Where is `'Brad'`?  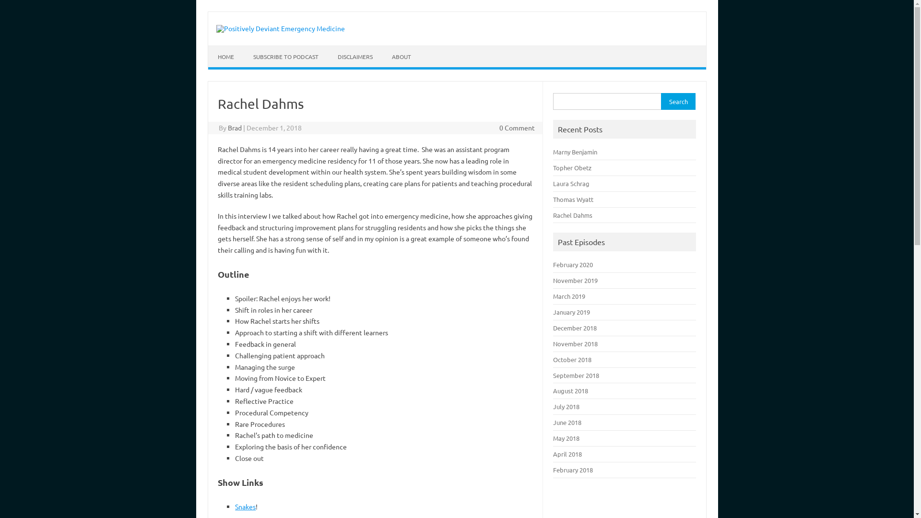 'Brad' is located at coordinates (235, 127).